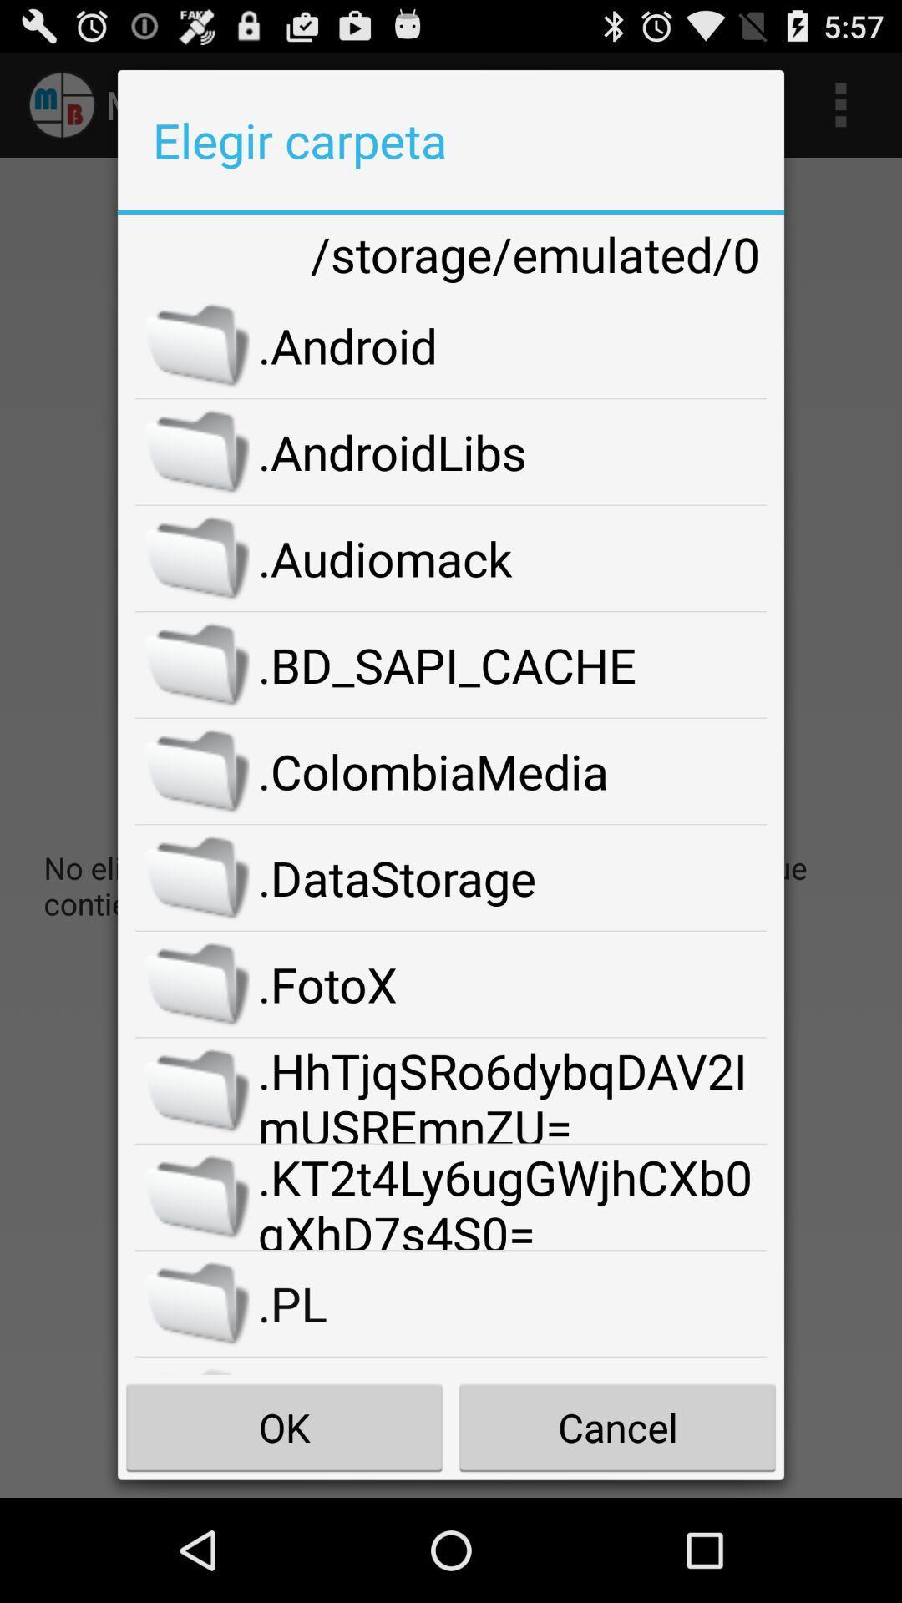 This screenshot has height=1603, width=902. I want to click on icon at the bottom right corner, so click(617, 1426).